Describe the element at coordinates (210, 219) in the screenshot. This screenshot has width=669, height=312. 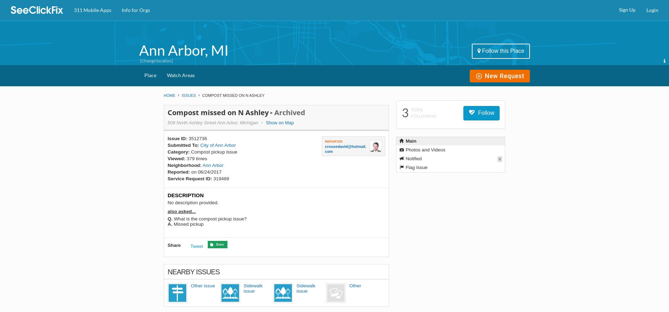
I see `'What is the compost pickup issue?'` at that location.